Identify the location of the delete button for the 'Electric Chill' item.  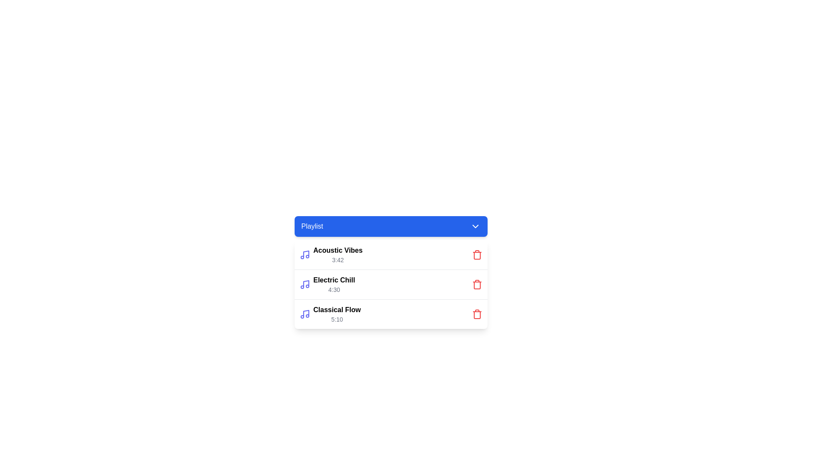
(476, 284).